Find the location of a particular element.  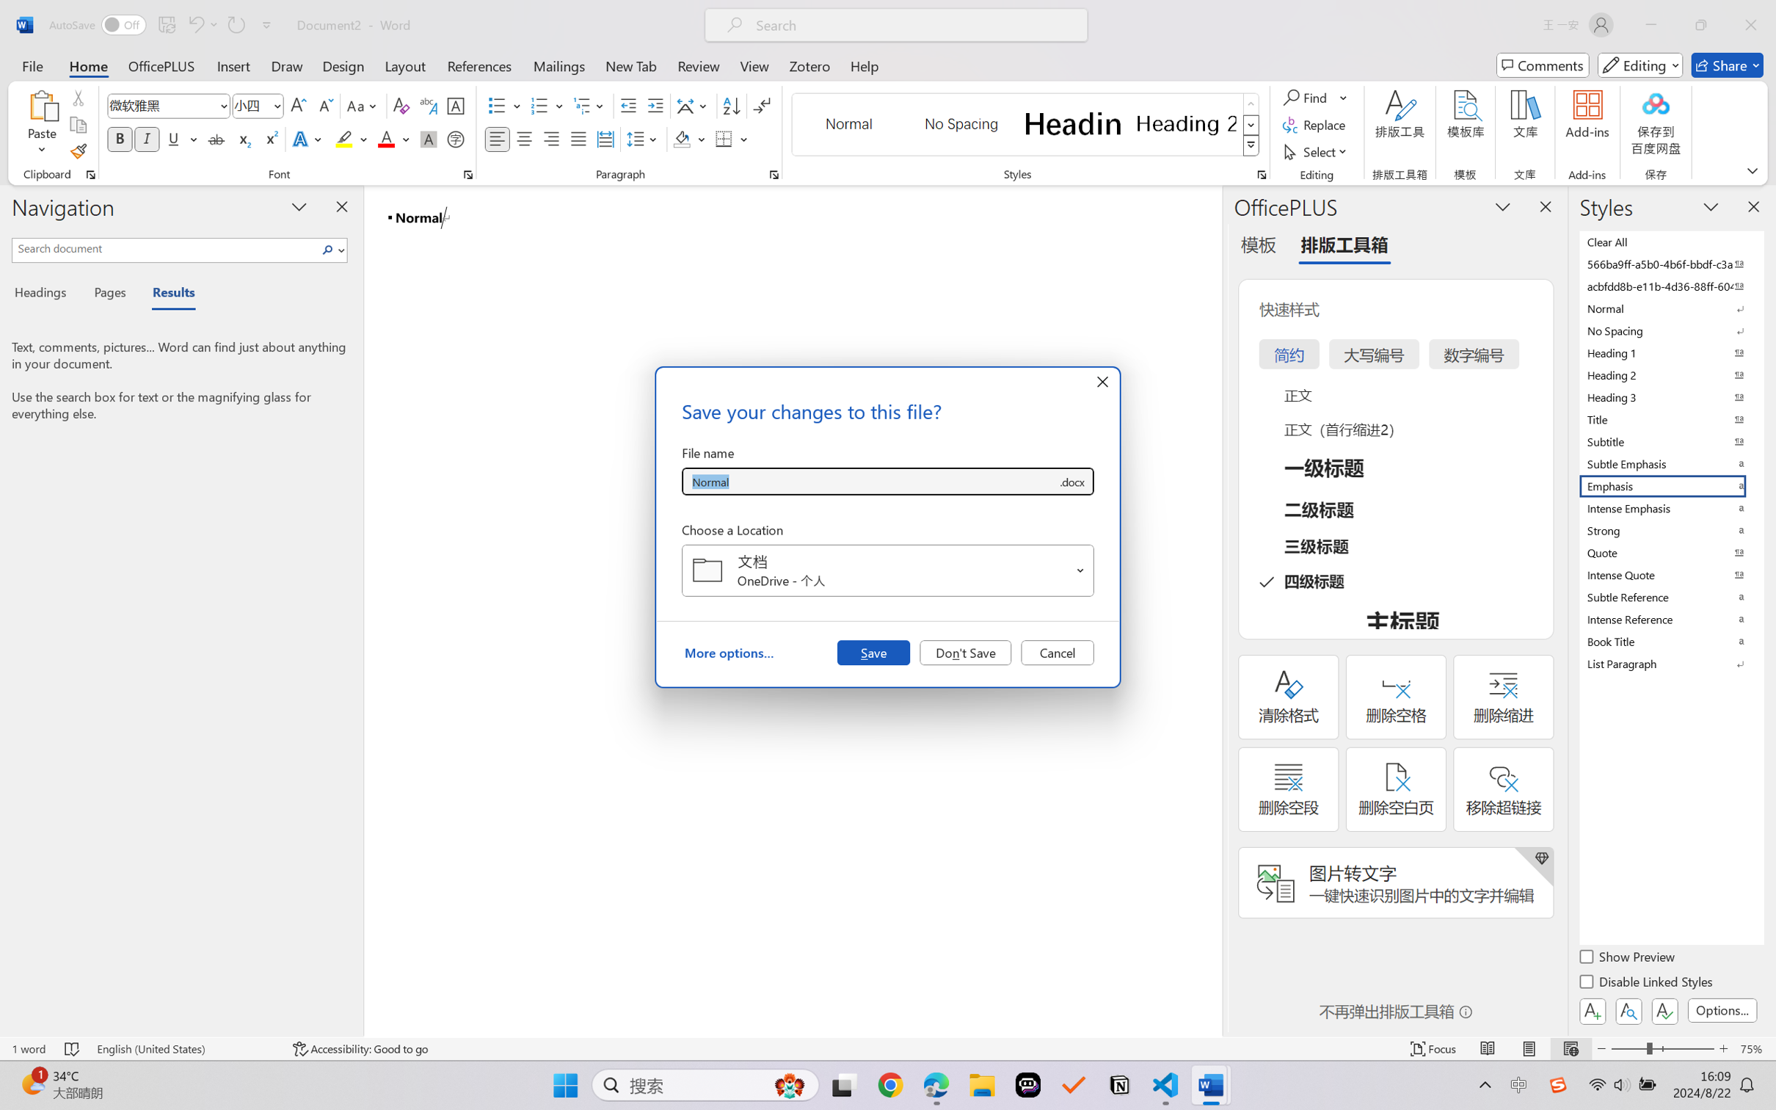

'Options...' is located at coordinates (1720, 1009).